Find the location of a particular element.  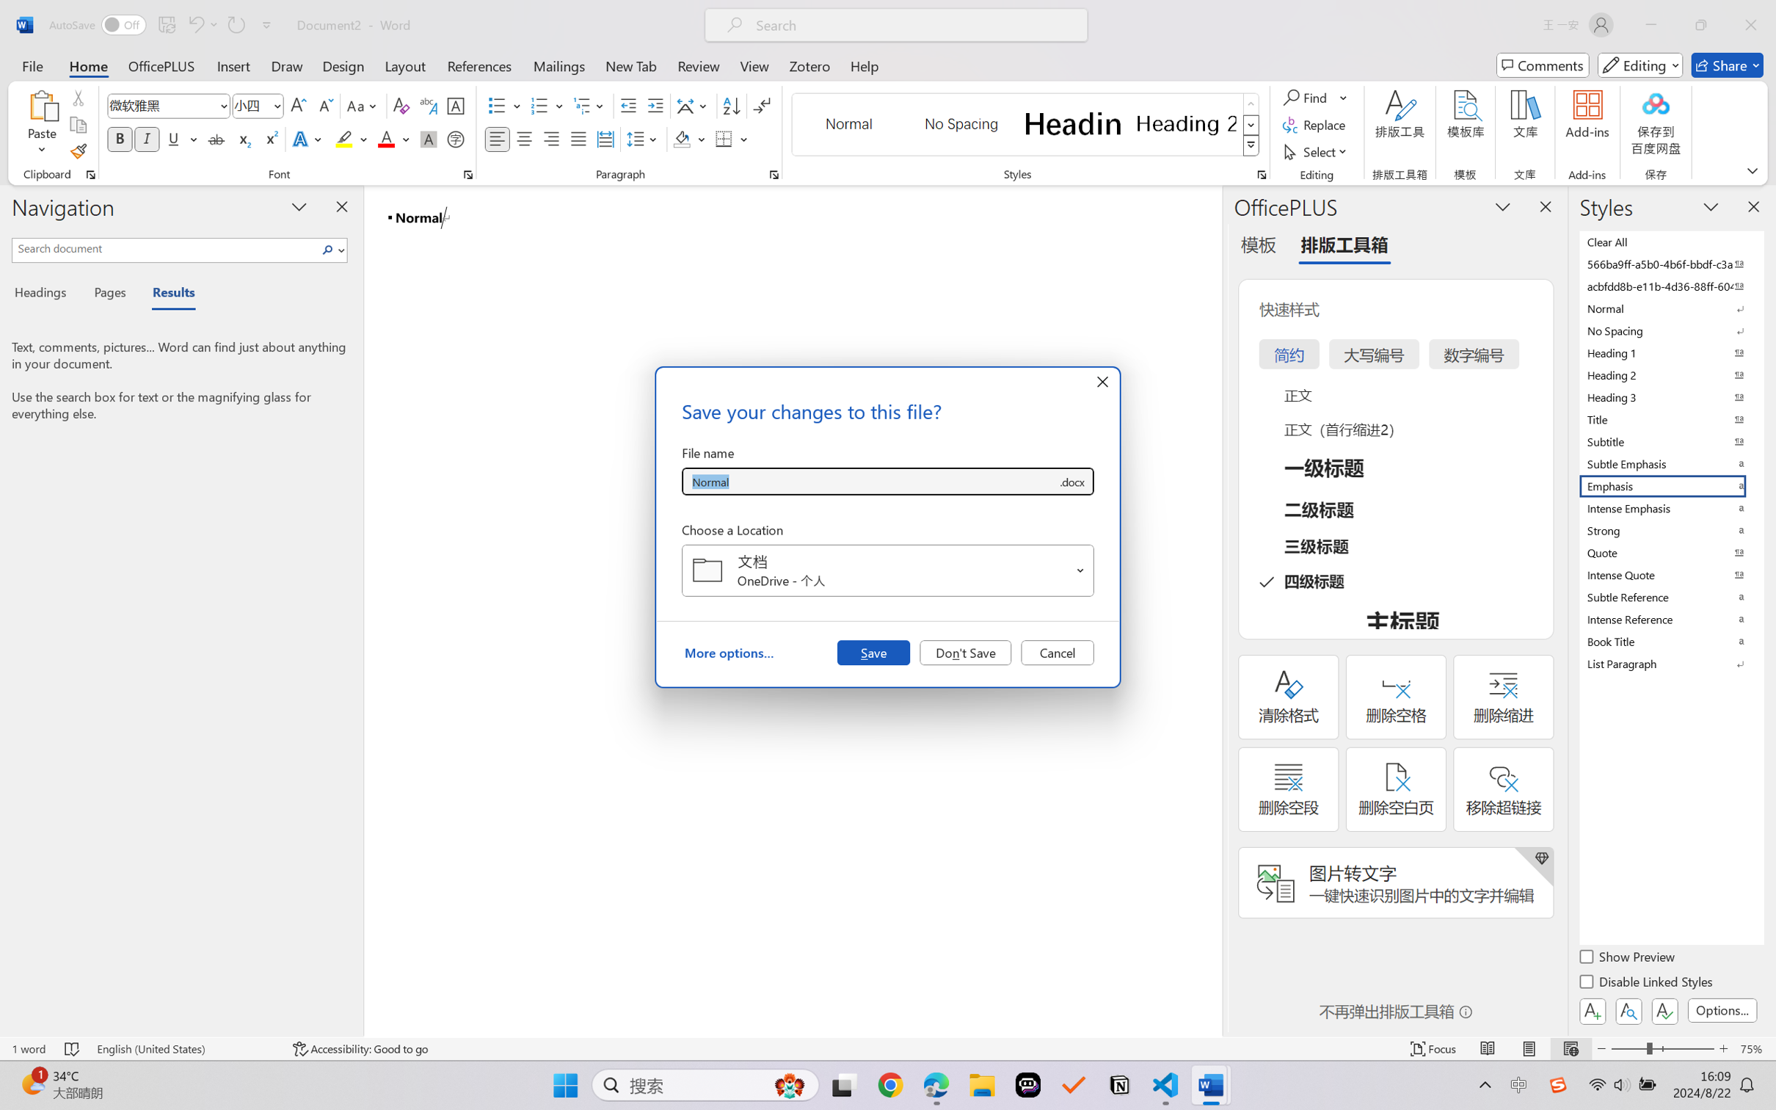

'Options...' is located at coordinates (1720, 1009).